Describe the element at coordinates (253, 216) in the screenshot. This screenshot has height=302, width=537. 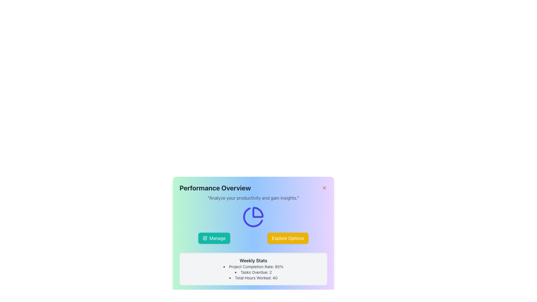
I see `the pie chart icon located in the 'Performance Overview' panel, which serves as a visual representation of data and is situated centrally above the buttons 'Manage' and 'Explore Options'` at that location.